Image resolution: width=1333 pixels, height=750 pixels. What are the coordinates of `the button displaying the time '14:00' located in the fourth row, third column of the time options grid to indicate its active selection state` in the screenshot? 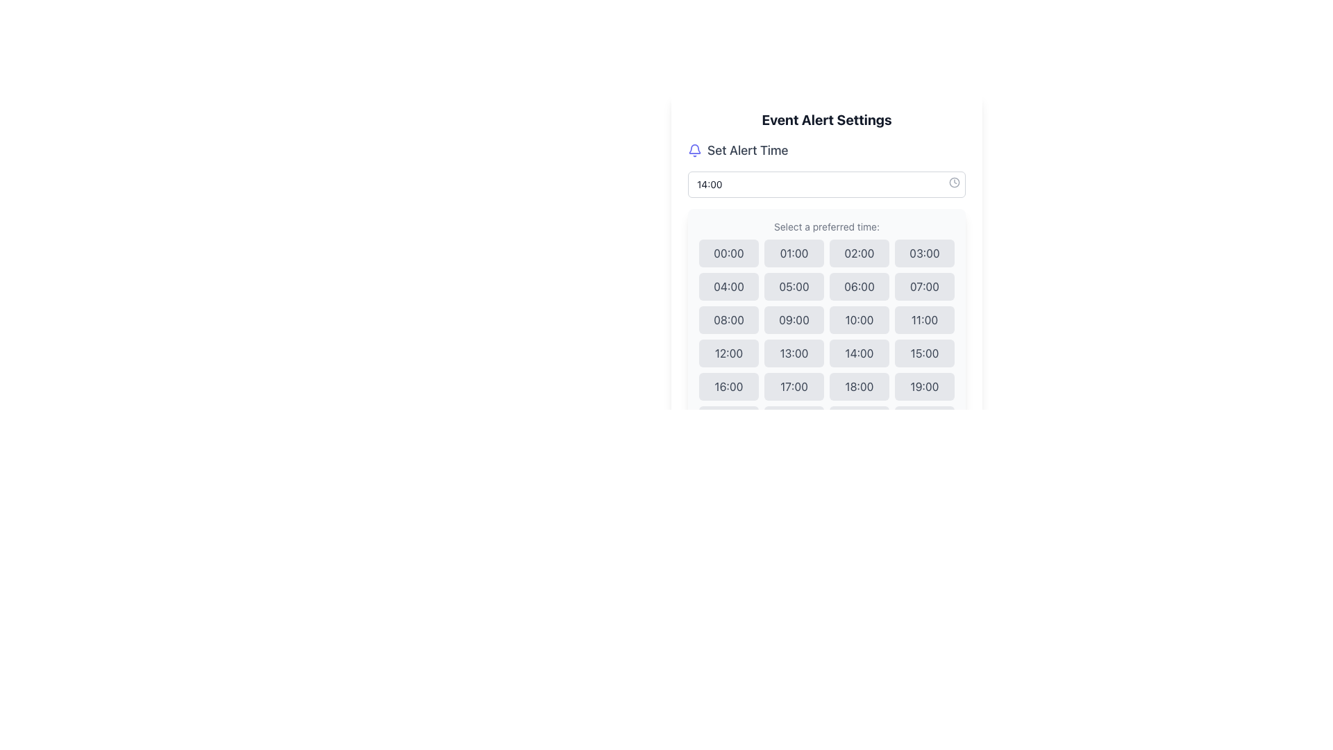 It's located at (859, 353).